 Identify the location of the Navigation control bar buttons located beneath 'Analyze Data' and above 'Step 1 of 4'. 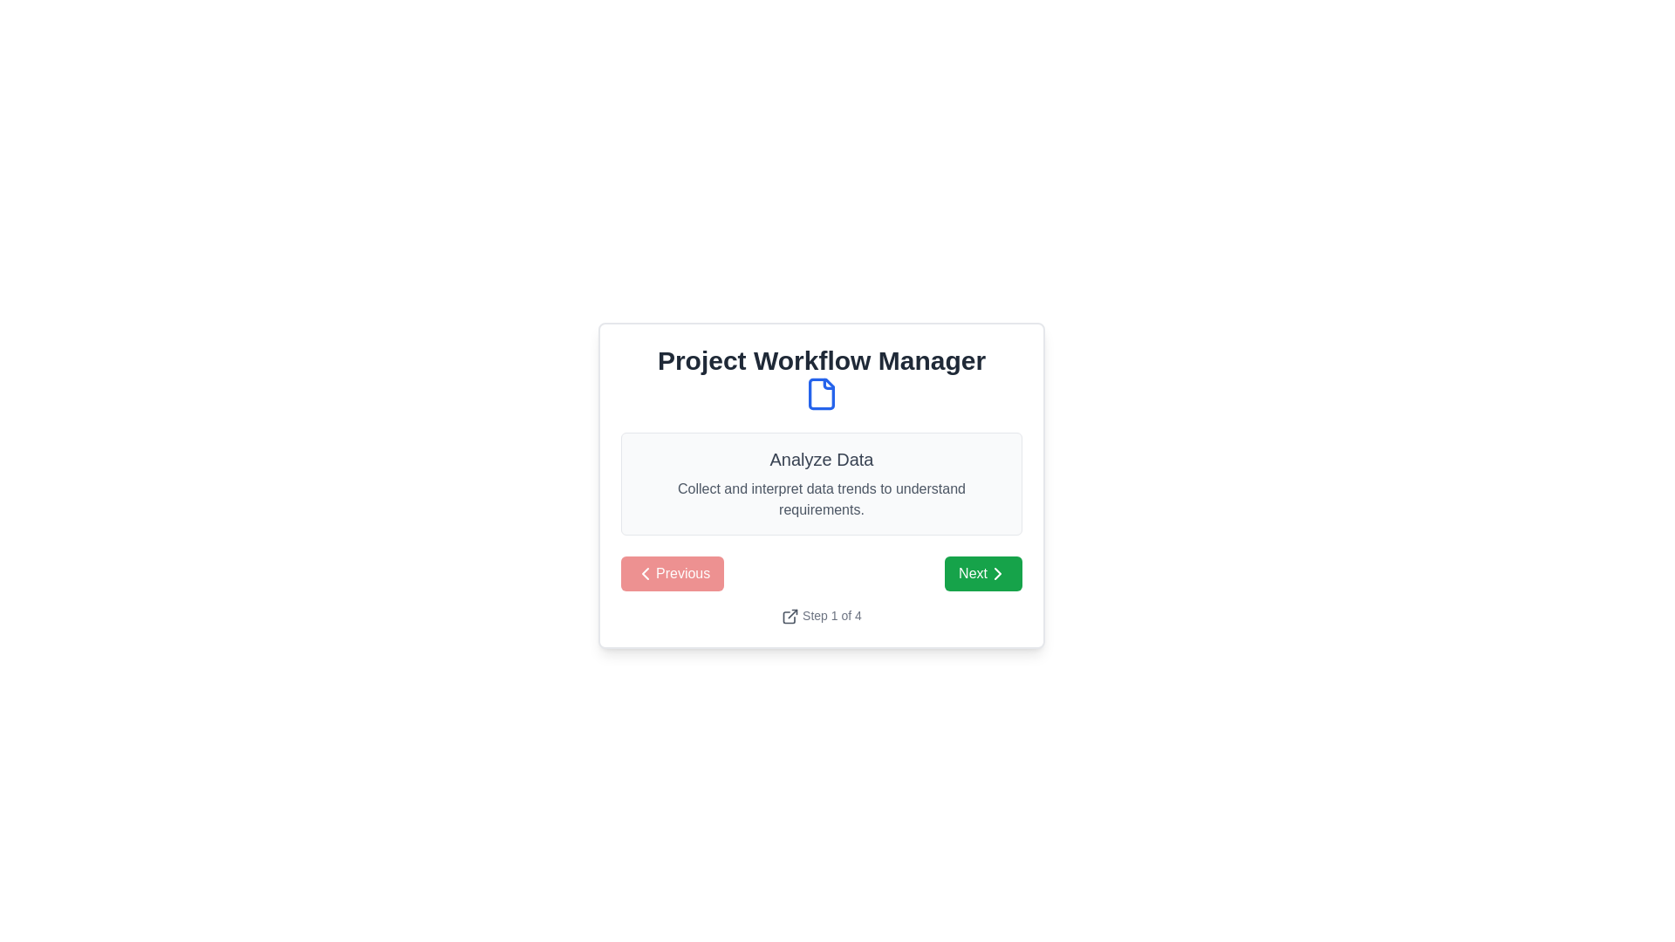
(820, 574).